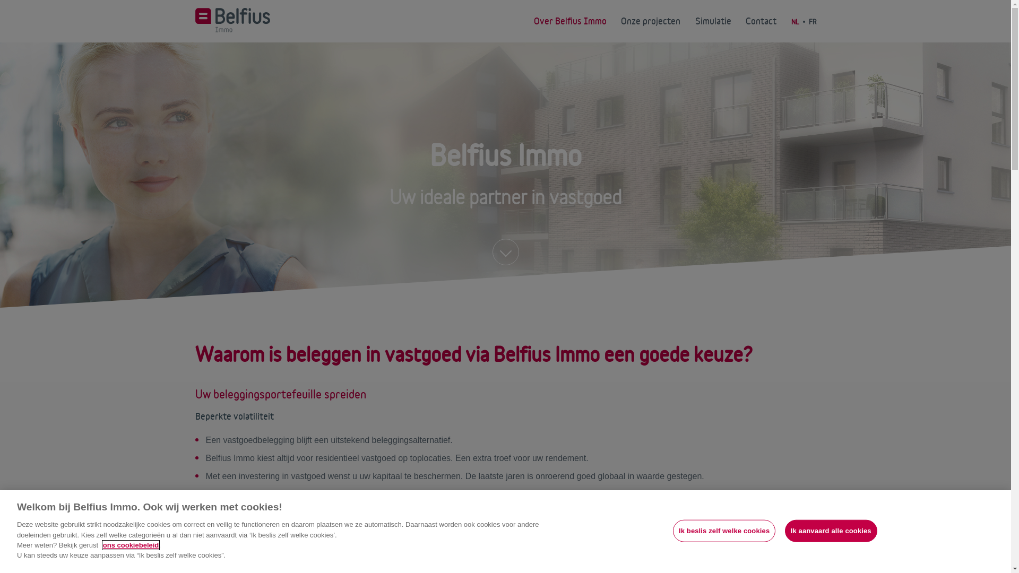 Image resolution: width=1019 pixels, height=573 pixels. What do you see at coordinates (102, 545) in the screenshot?
I see `'ons cookiebeleid'` at bounding box center [102, 545].